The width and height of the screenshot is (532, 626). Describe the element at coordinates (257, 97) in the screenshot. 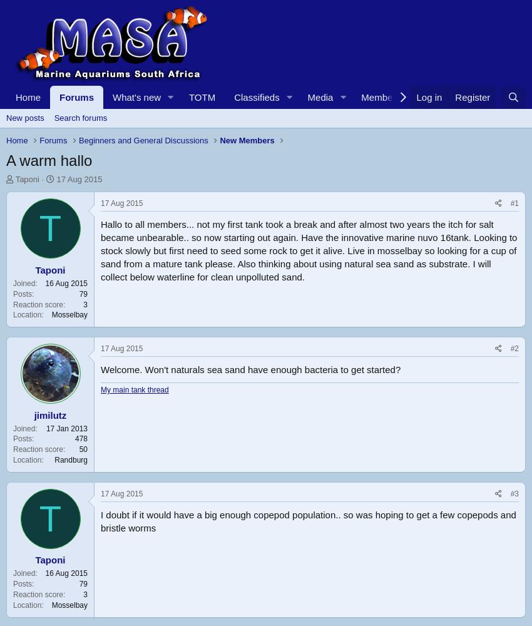

I see `'Classifieds'` at that location.